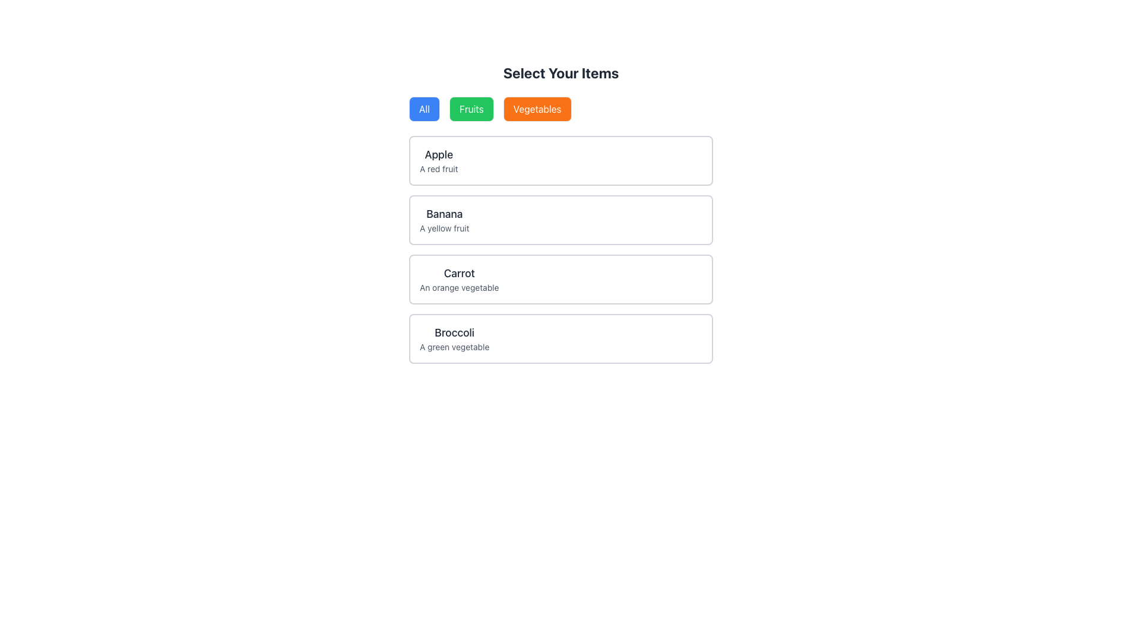 Image resolution: width=1140 pixels, height=641 pixels. What do you see at coordinates (444, 220) in the screenshot?
I see `the textual display component that shows 'Banana' with a subtitle 'A yellow fruit', which is the second item in the list of selectable options` at bounding box center [444, 220].